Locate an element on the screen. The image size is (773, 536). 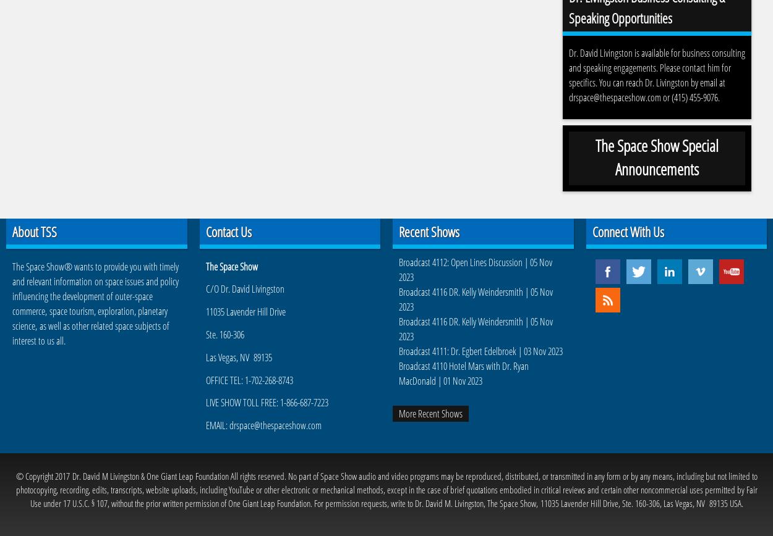
'The Space Show® wants to provide you with timely and relevant information on space issues and policy influencing the development of outer-space commerce, space tourism, exploration, planetary science, as well as other related space subjects of interest to us all.' is located at coordinates (95, 303).